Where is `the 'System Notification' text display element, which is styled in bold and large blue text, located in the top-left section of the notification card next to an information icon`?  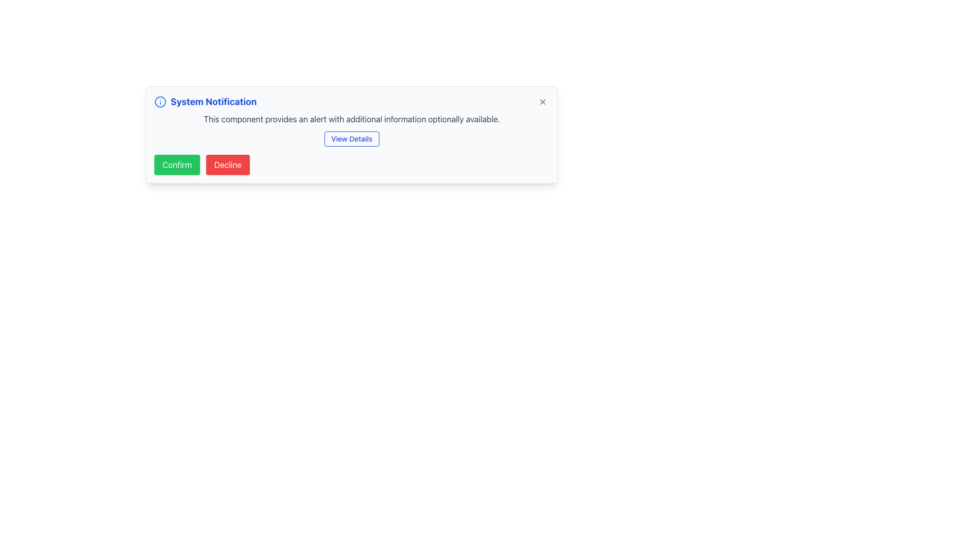
the 'System Notification' text display element, which is styled in bold and large blue text, located in the top-left section of the notification card next to an information icon is located at coordinates (213, 101).